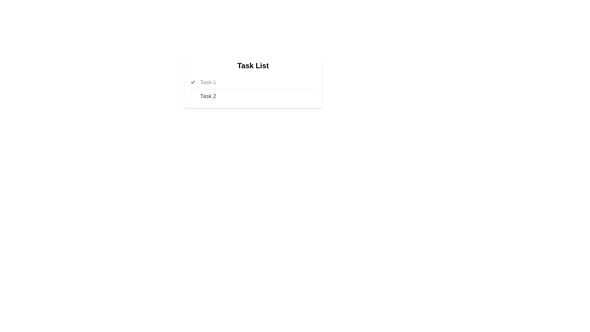 The height and width of the screenshot is (332, 590). Describe the element at coordinates (253, 65) in the screenshot. I see `the static text heading that reads 'Task List', which is a bold and large text positioned at the top of the task card` at that location.